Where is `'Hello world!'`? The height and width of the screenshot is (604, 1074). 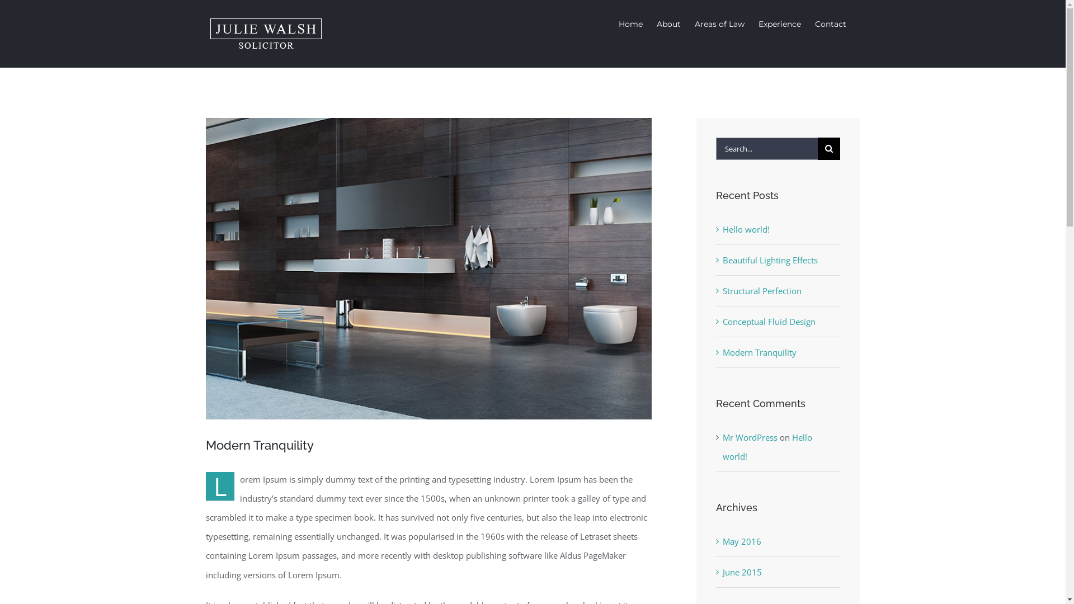
'Hello world!' is located at coordinates (767, 446).